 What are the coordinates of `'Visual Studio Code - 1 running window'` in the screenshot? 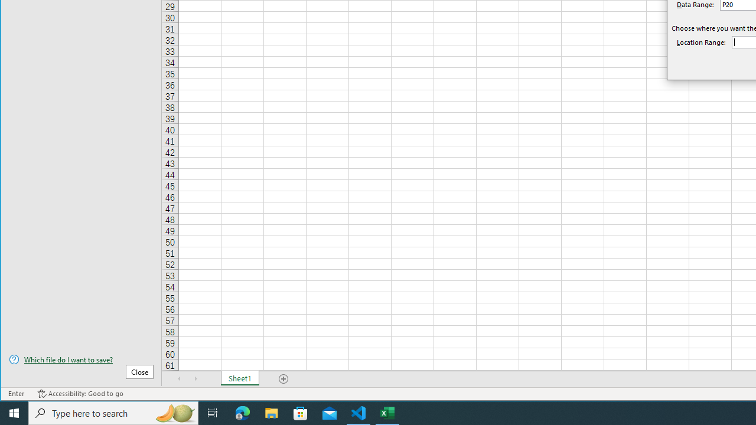 It's located at (358, 412).